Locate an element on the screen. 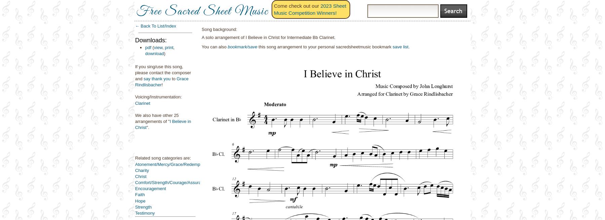 The width and height of the screenshot is (605, 220). '".' is located at coordinates (146, 127).